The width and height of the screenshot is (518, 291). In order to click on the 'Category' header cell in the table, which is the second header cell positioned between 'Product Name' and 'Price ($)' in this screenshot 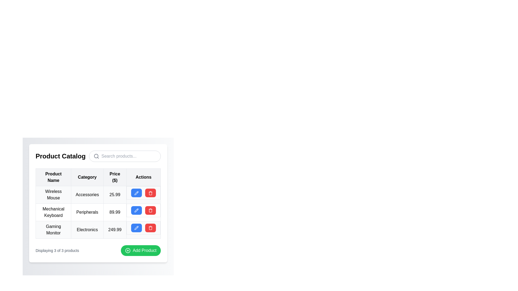, I will do `click(87, 177)`.